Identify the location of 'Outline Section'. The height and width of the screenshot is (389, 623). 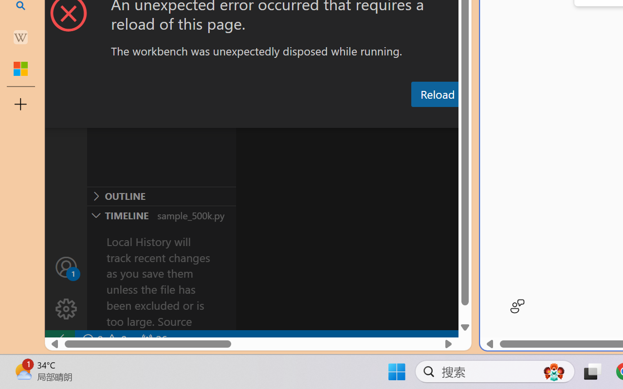
(161, 196).